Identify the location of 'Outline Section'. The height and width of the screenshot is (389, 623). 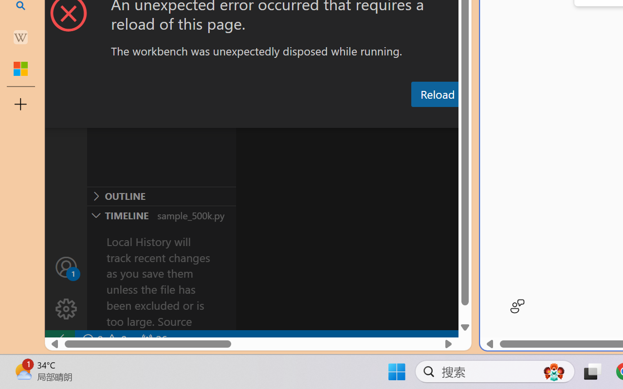
(161, 196).